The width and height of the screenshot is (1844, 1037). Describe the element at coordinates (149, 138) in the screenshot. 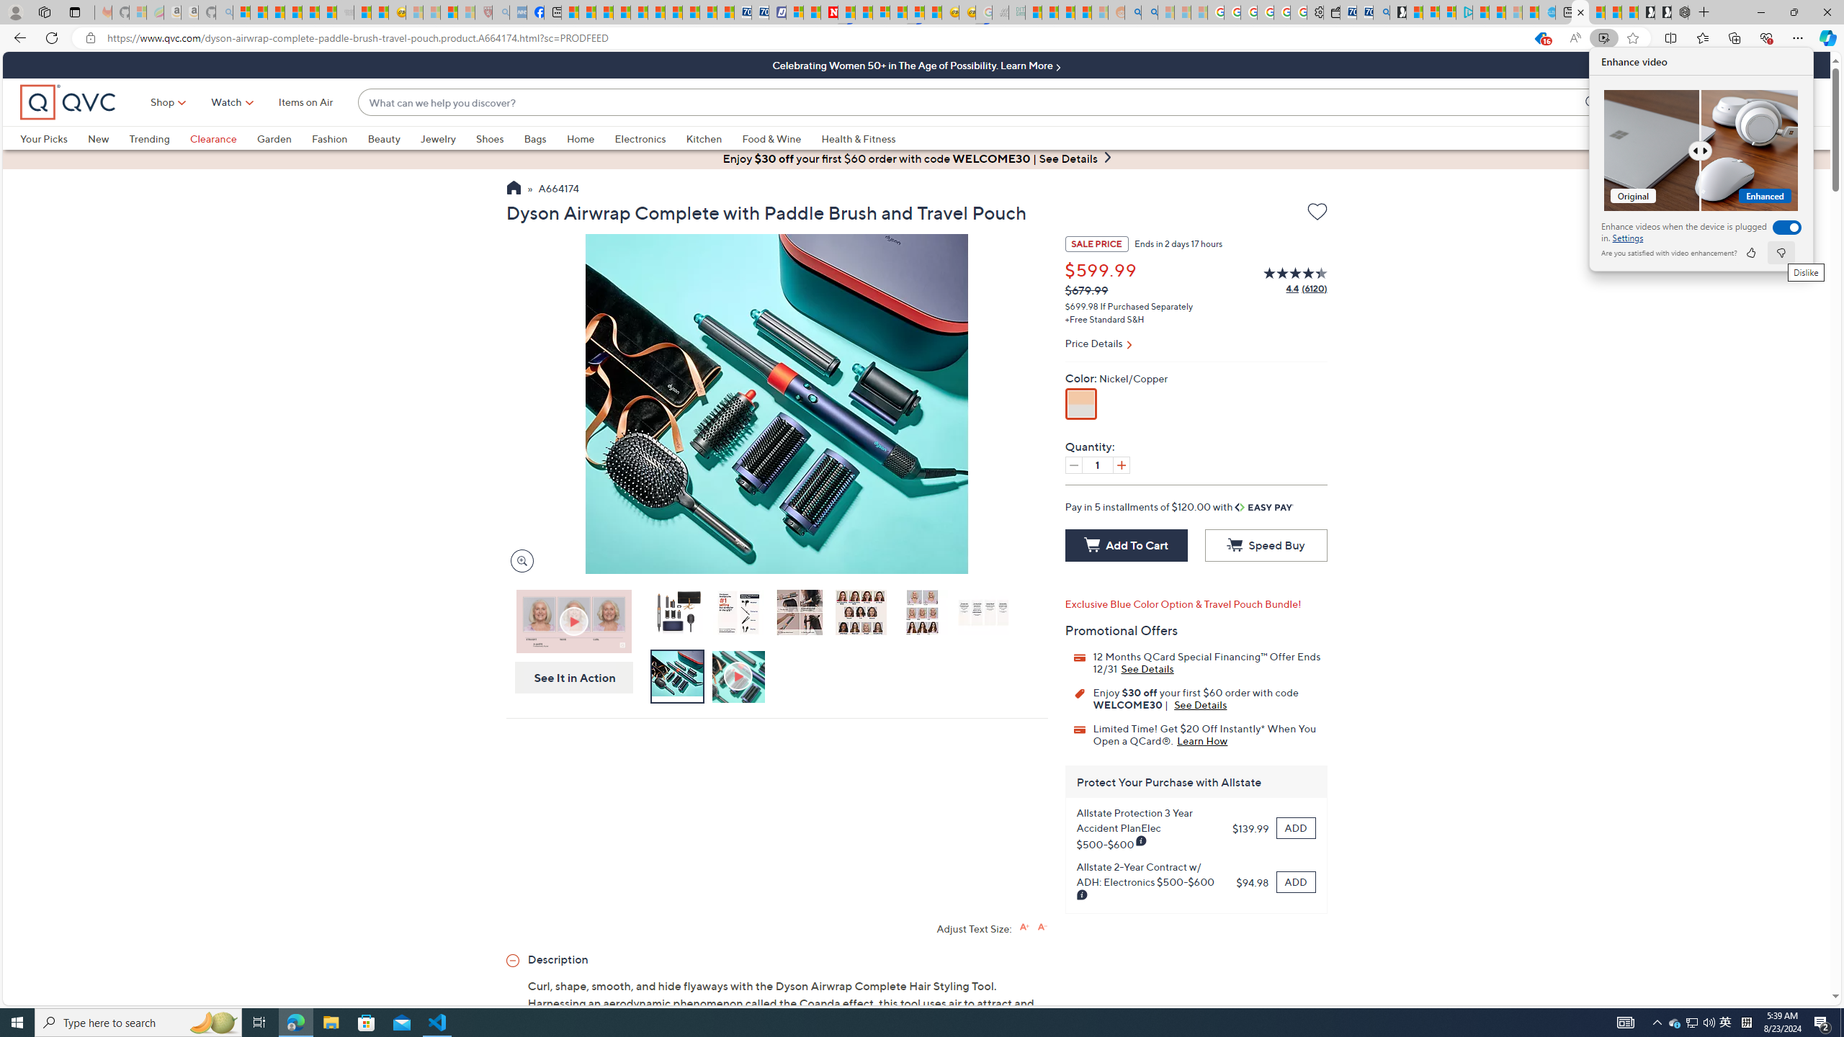

I see `'Trending'` at that location.